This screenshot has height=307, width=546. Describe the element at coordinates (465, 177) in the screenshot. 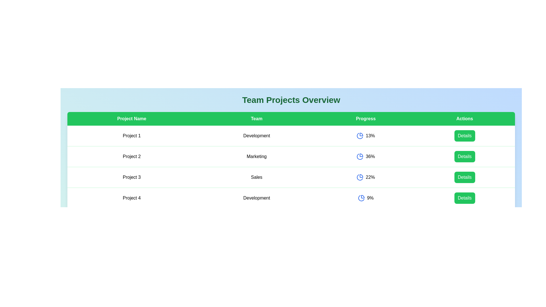

I see `the 'Details' button for the project with the name Project 3` at that location.